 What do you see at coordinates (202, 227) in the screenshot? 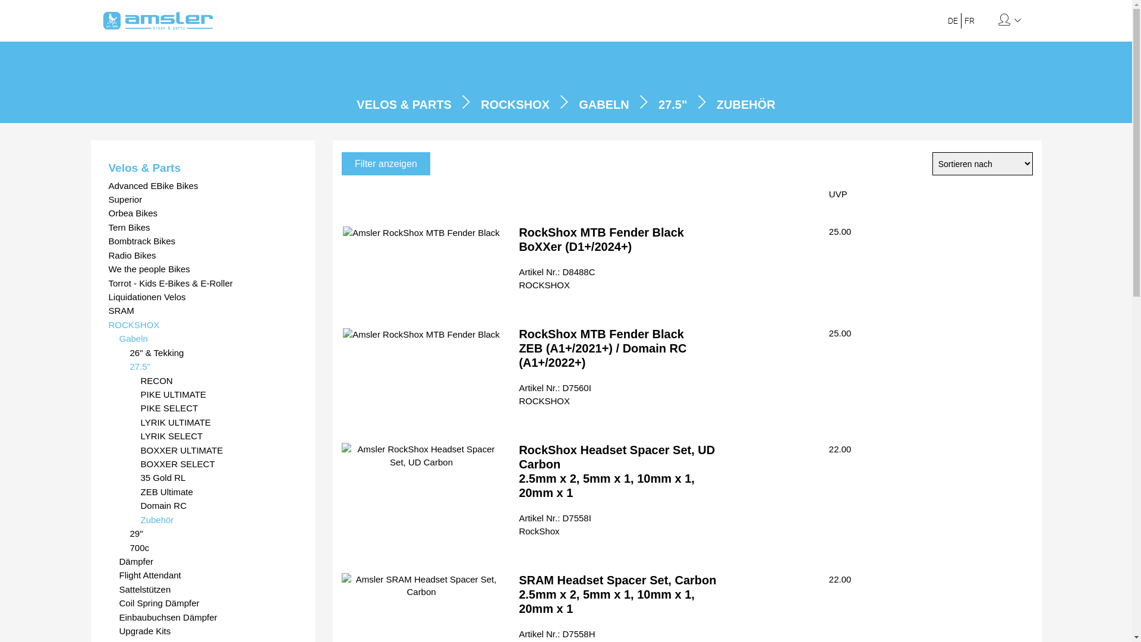
I see `'Tern Bikes'` at bounding box center [202, 227].